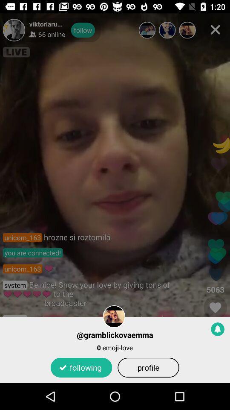 The image size is (230, 410). I want to click on notifications, so click(218, 328).